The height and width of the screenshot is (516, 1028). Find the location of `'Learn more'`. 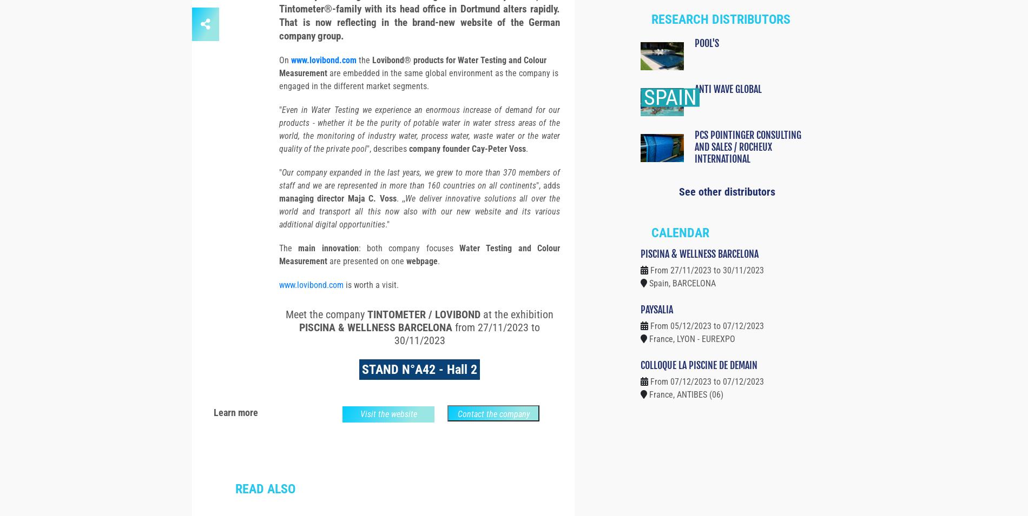

'Learn more' is located at coordinates (235, 432).